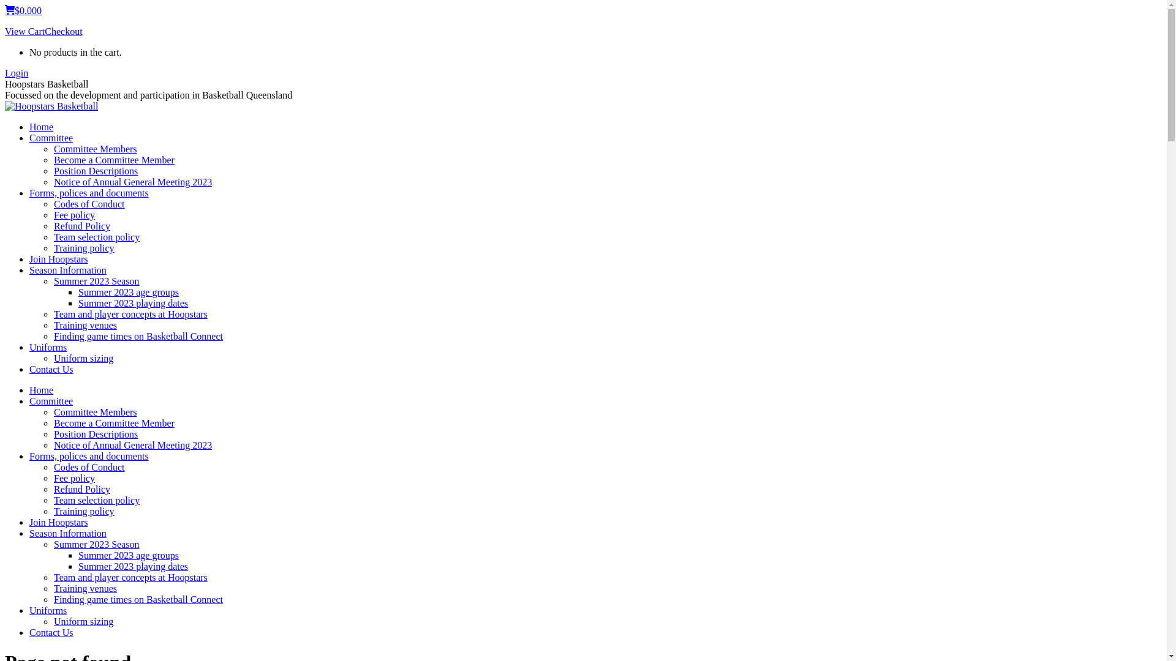  What do you see at coordinates (53, 467) in the screenshot?
I see `'Codes of Conduct'` at bounding box center [53, 467].